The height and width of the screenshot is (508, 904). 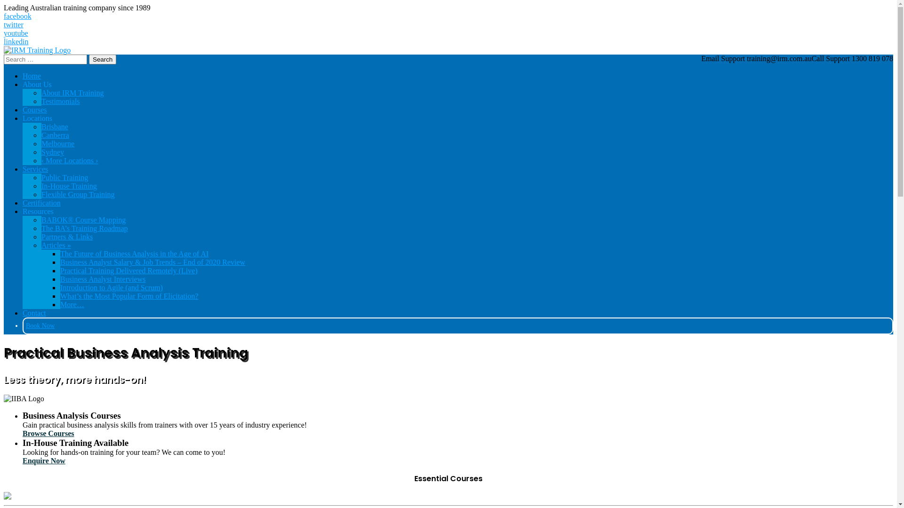 I want to click on 'Services', so click(x=35, y=168).